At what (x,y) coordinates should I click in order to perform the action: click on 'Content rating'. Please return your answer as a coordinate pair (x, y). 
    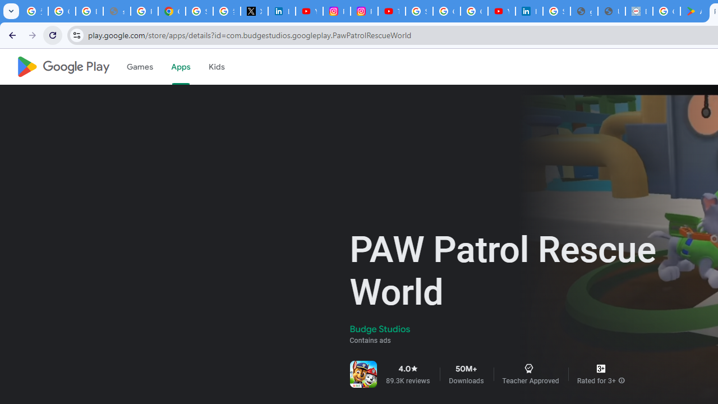
    Looking at the image, I should click on (600, 369).